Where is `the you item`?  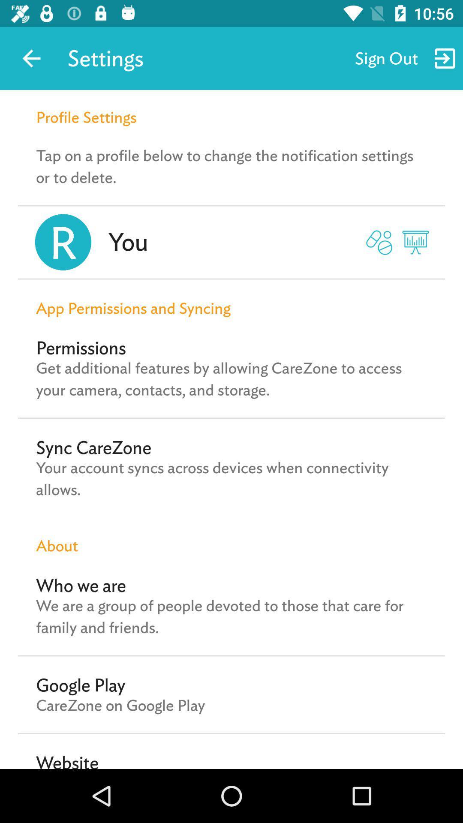 the you item is located at coordinates (128, 242).